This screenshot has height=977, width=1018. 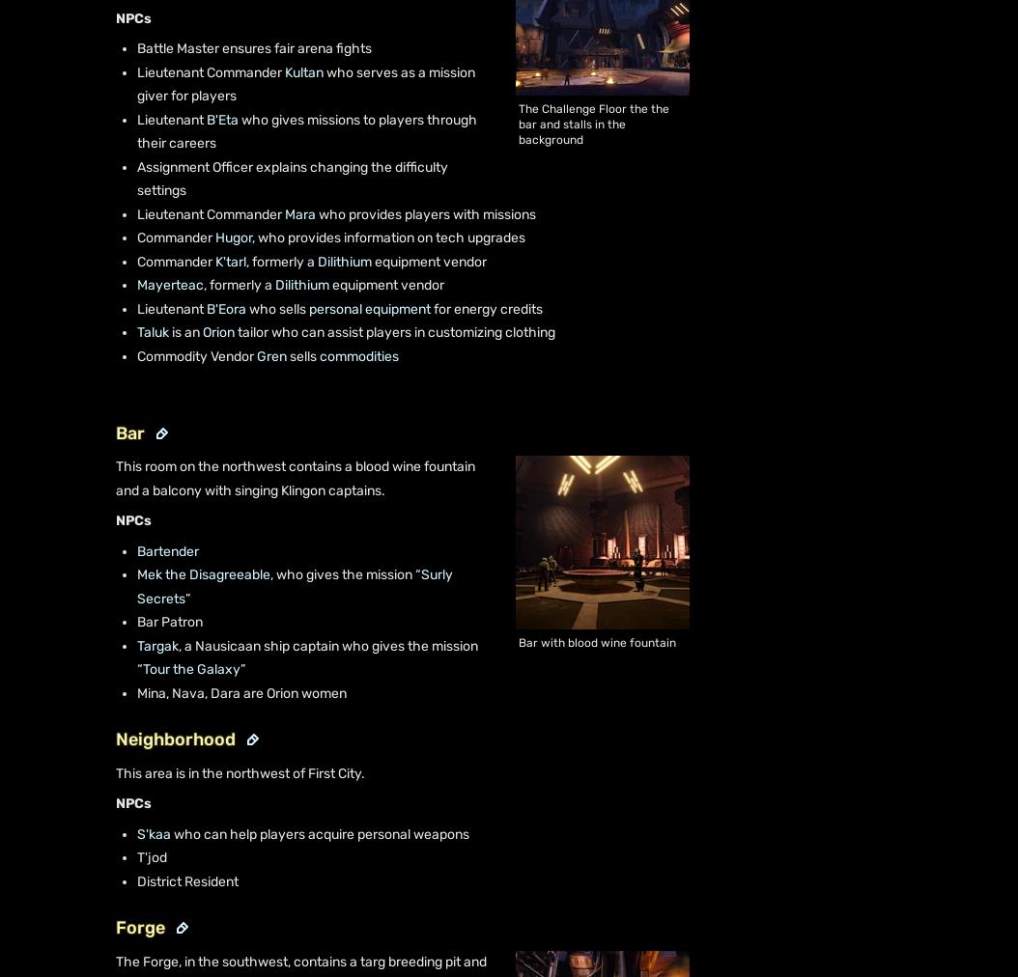 I want to click on 'Terms of Use', so click(x=345, y=26).